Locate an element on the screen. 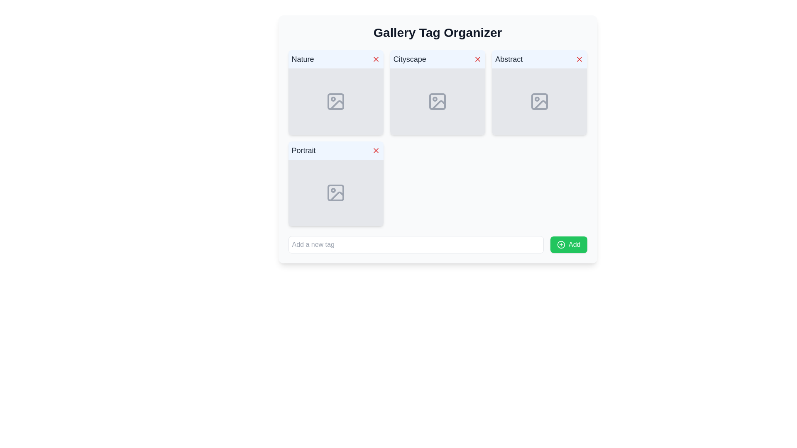 This screenshot has width=797, height=448. the Text label in the blue-tinted header bar at the top-left corner of the gallery organizer is located at coordinates (302, 58).